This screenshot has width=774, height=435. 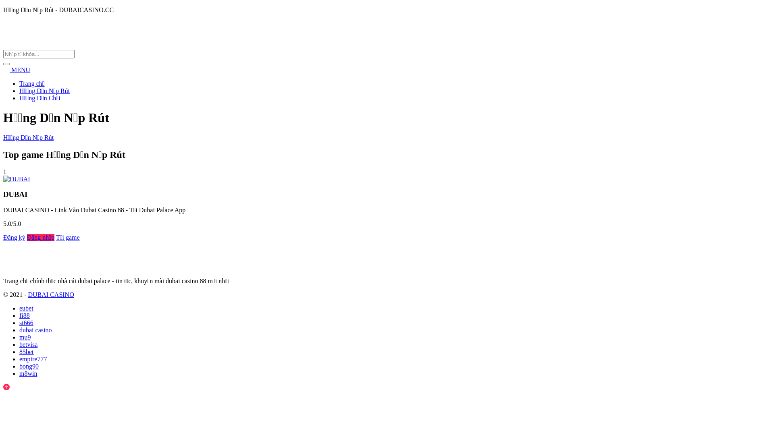 I want to click on 'MENU', so click(x=17, y=69).